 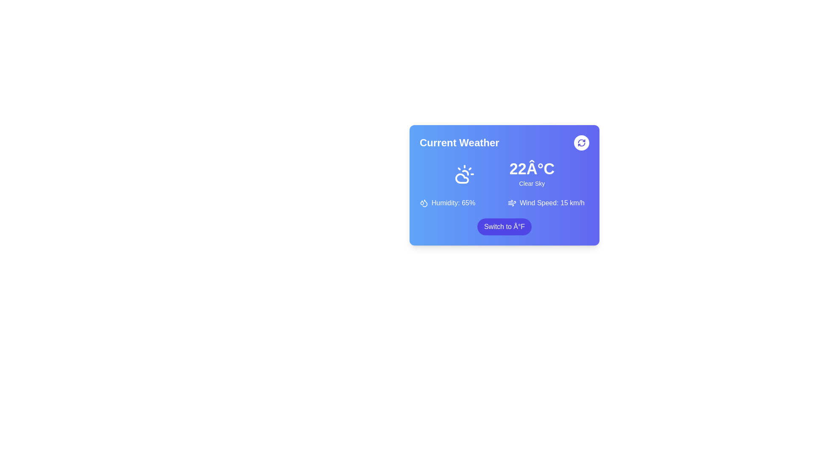 I want to click on the circular button with a refresh icon located at the top-right corner of the weather information widget, so click(x=581, y=142).